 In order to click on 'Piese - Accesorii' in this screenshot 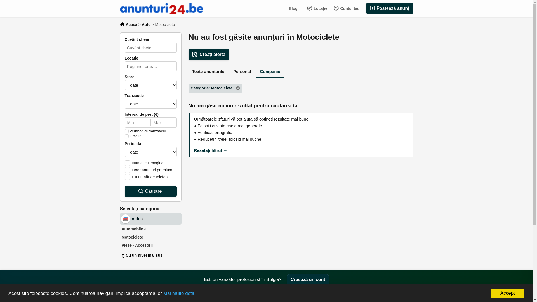, I will do `click(150, 245)`.